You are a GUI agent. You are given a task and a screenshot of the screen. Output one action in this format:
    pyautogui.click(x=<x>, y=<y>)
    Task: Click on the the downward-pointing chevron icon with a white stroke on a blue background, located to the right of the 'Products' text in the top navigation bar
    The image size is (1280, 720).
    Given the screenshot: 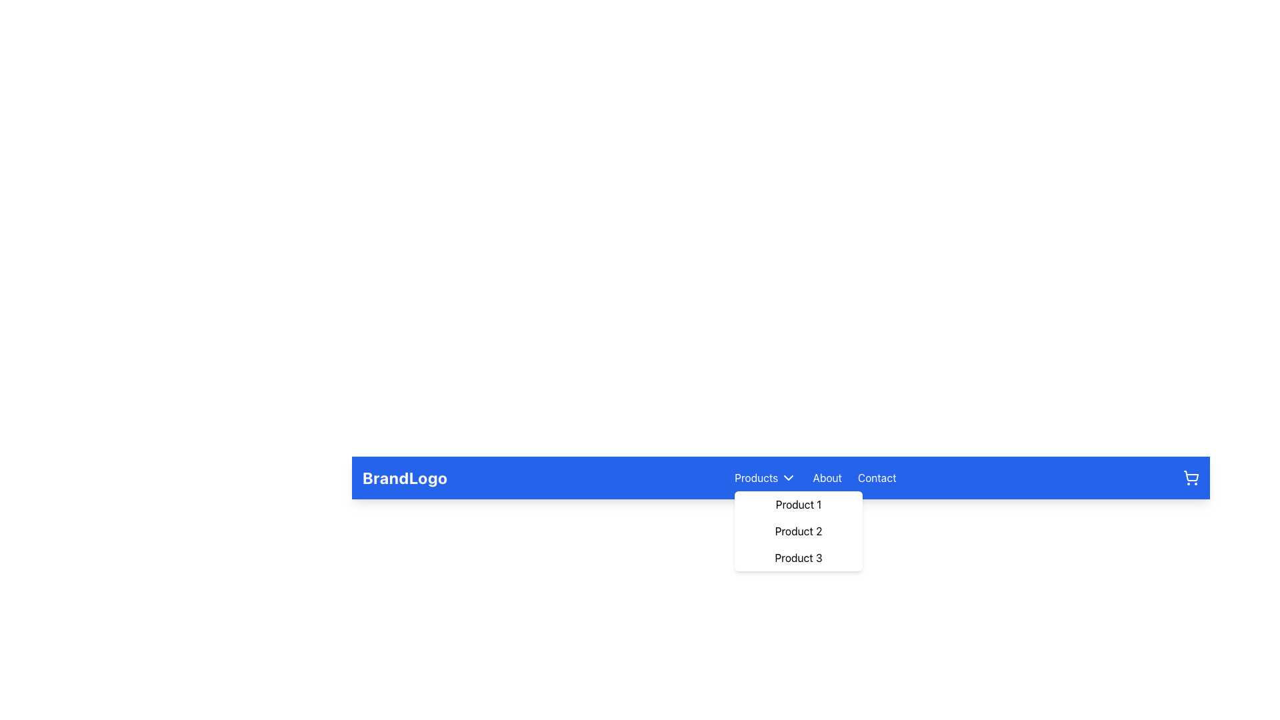 What is the action you would take?
    pyautogui.click(x=789, y=477)
    